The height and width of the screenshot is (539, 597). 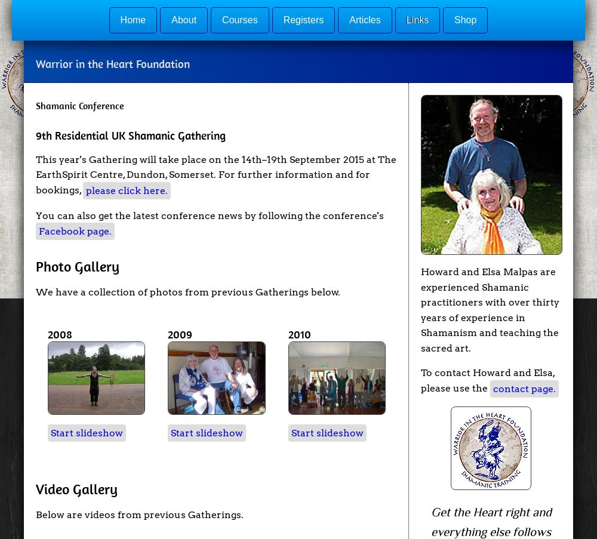 What do you see at coordinates (126, 189) in the screenshot?
I see `'please click here.'` at bounding box center [126, 189].